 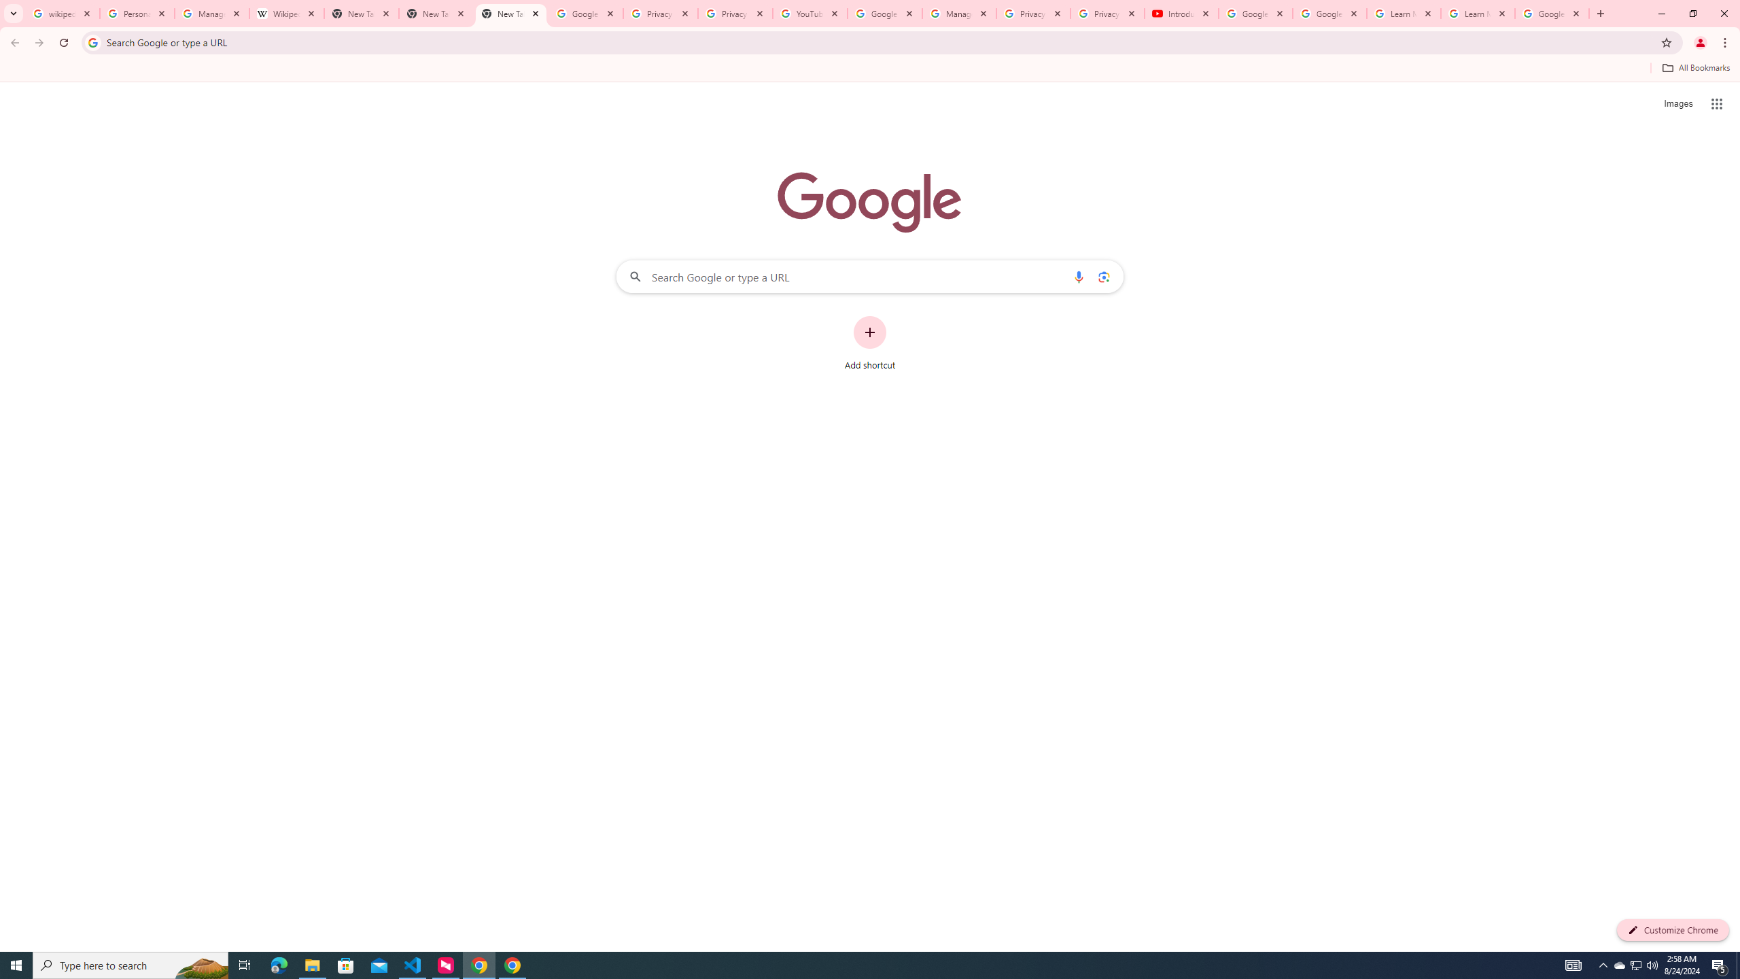 What do you see at coordinates (92, 41) in the screenshot?
I see `'Search icon'` at bounding box center [92, 41].